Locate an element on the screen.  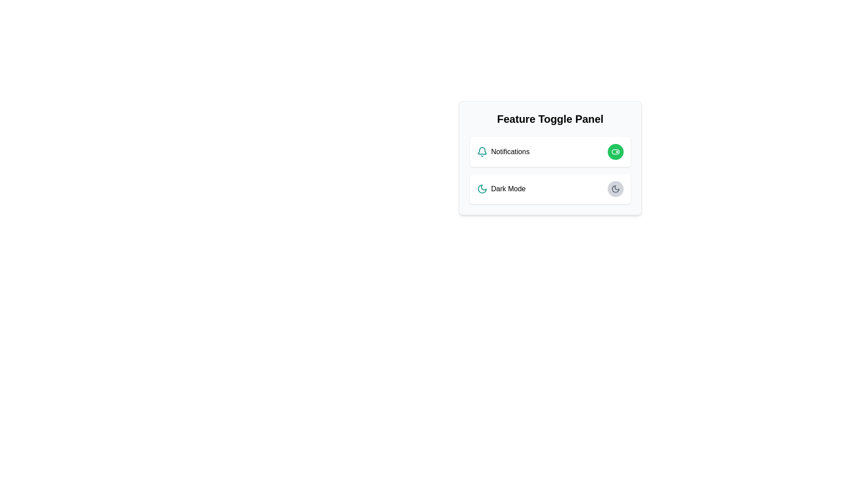
the circular button with a light gray background and moon icon located on the right side of the 'Dark Mode' option in the Feature Toggle Panel is located at coordinates (615, 189).